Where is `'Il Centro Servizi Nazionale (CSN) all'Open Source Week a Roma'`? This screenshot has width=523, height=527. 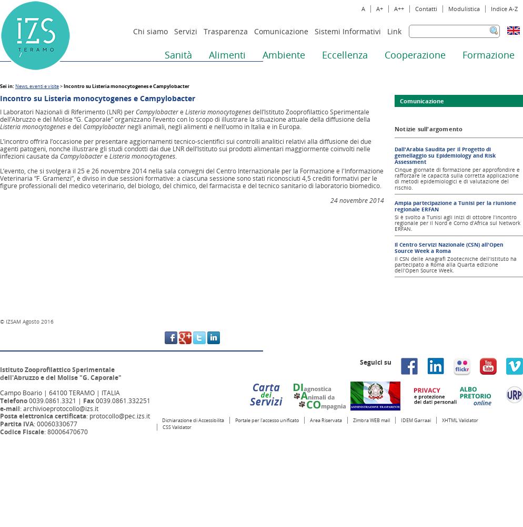 'Il Centro Servizi Nazionale (CSN) all'Open Source Week a Roma' is located at coordinates (449, 247).